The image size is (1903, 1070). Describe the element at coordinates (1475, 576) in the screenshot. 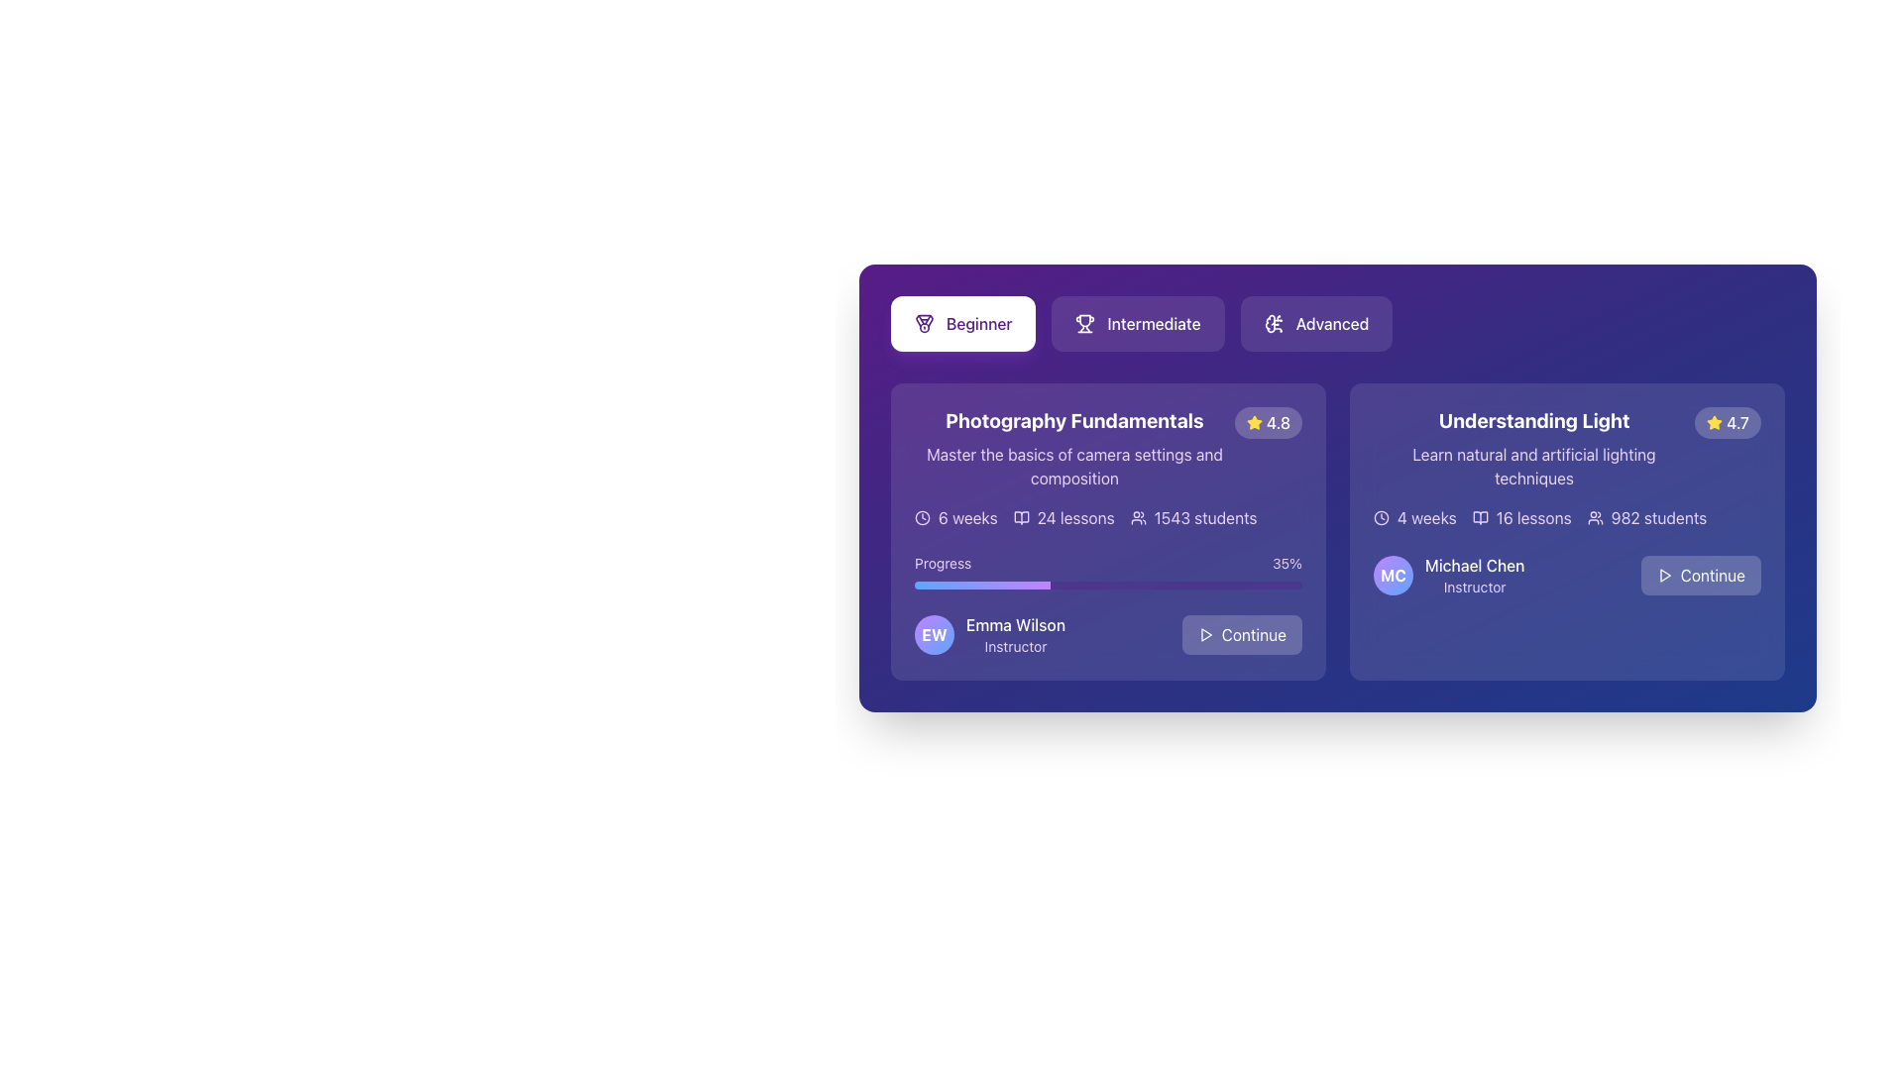

I see `the text label displaying 'Michael Chen' and 'Instructor' on a purple background, which is located within the 'Understanding Light' course card, to the right of the 'MC' avatar and above the 'Continue' button` at that location.